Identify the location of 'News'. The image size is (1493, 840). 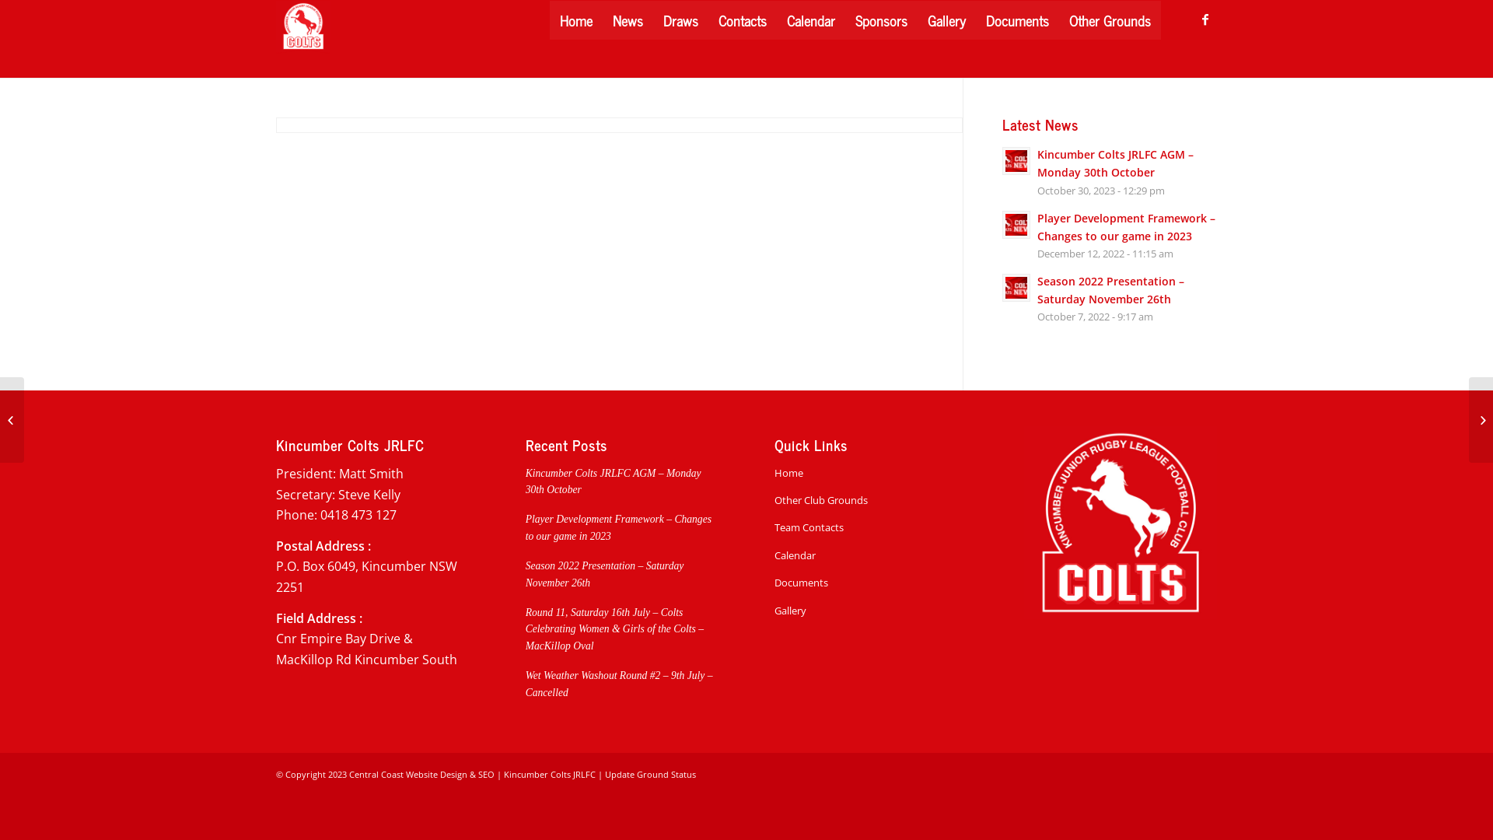
(628, 20).